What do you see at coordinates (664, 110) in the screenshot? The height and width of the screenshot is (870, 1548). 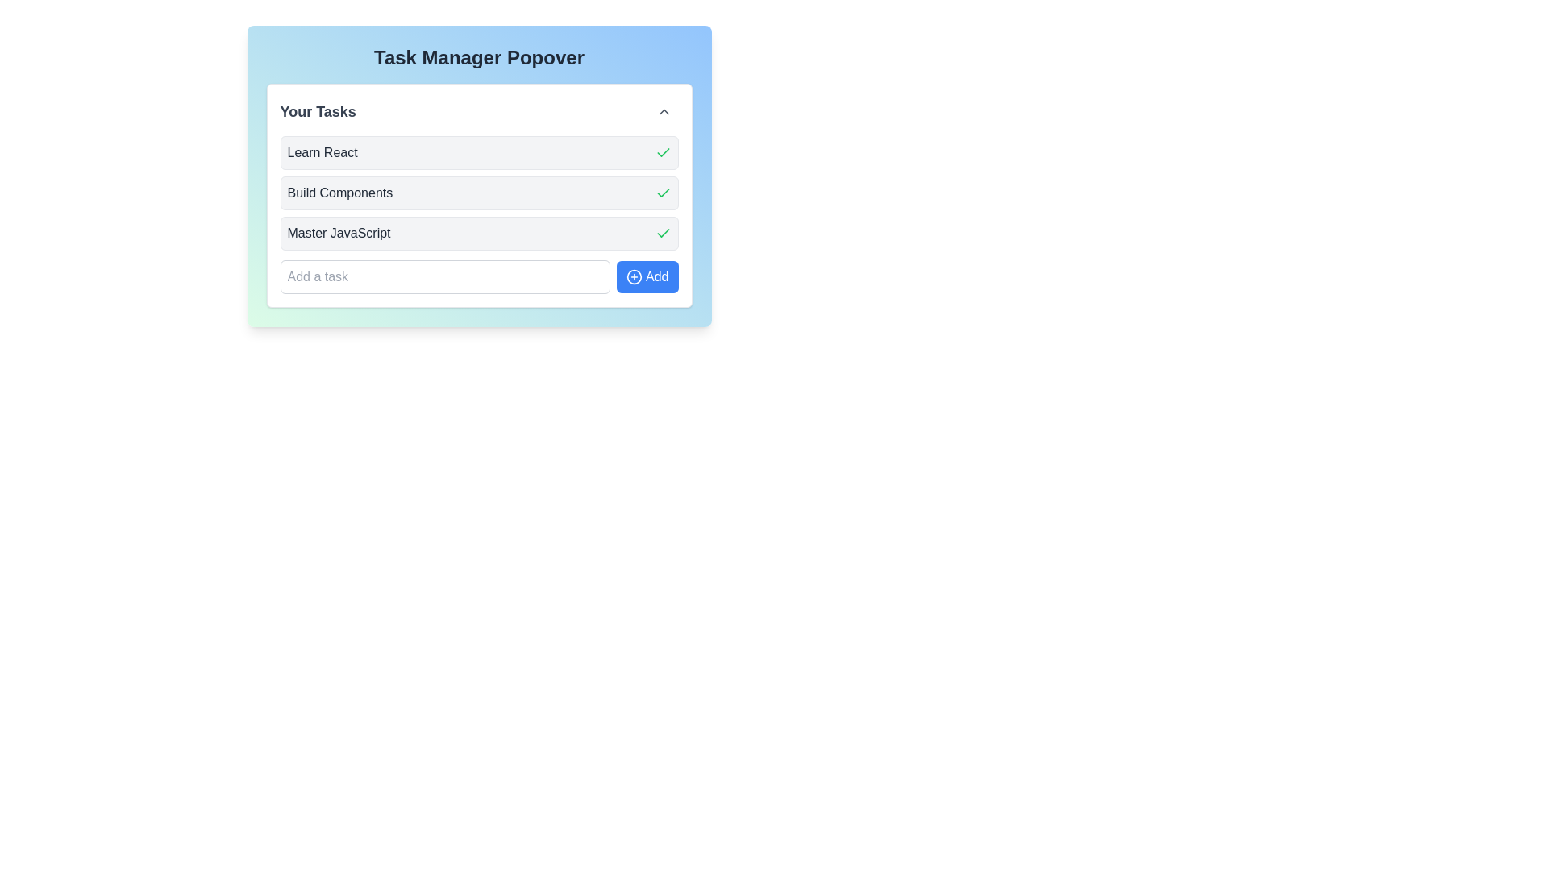 I see `the collapsible toggle button located at the upper-right corner of the 'Your Tasks' header` at bounding box center [664, 110].